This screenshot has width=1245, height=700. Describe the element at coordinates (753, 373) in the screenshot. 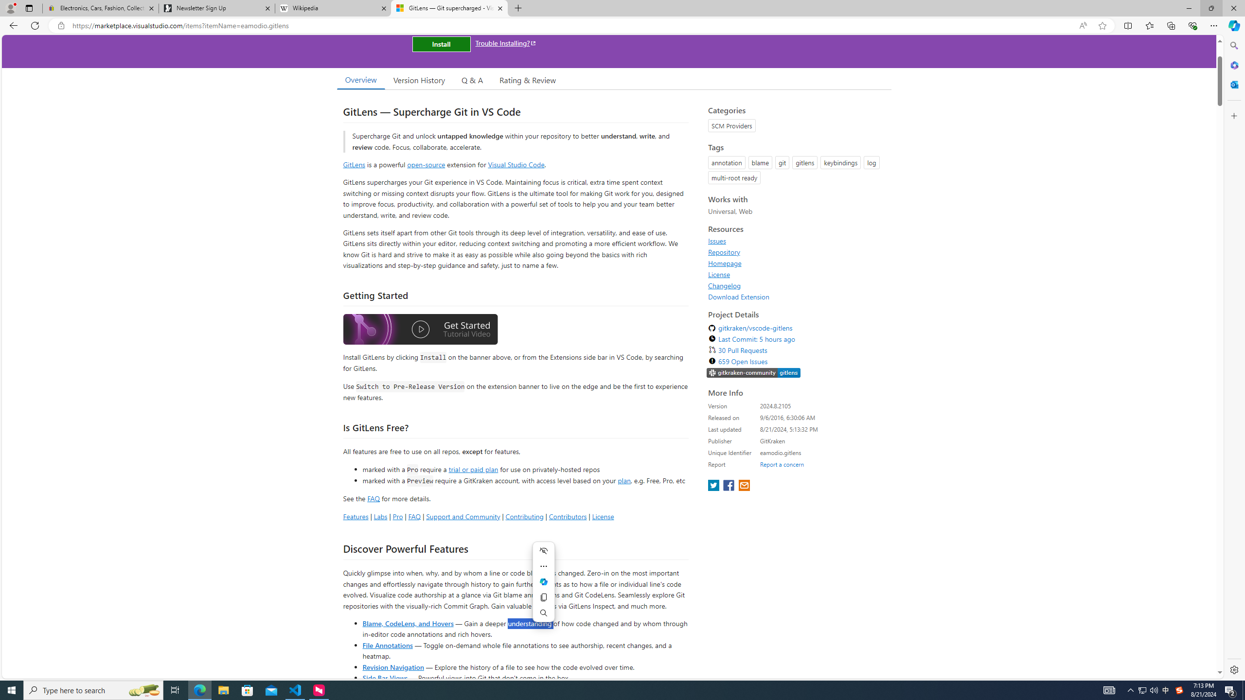

I see `'https://slack.gitkraken.com//'` at that location.